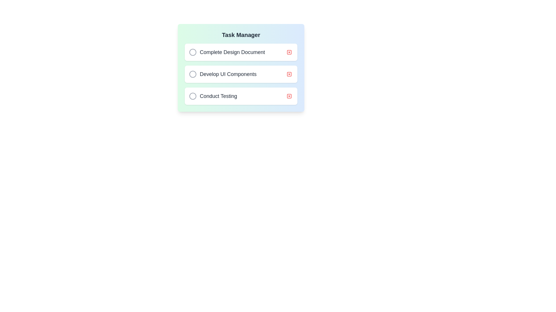 Image resolution: width=556 pixels, height=312 pixels. What do you see at coordinates (289, 96) in the screenshot?
I see `the button for removing or canceling the 'Conduct Testing' task, located to the right of the task item in the 'Task Manager' panel` at bounding box center [289, 96].